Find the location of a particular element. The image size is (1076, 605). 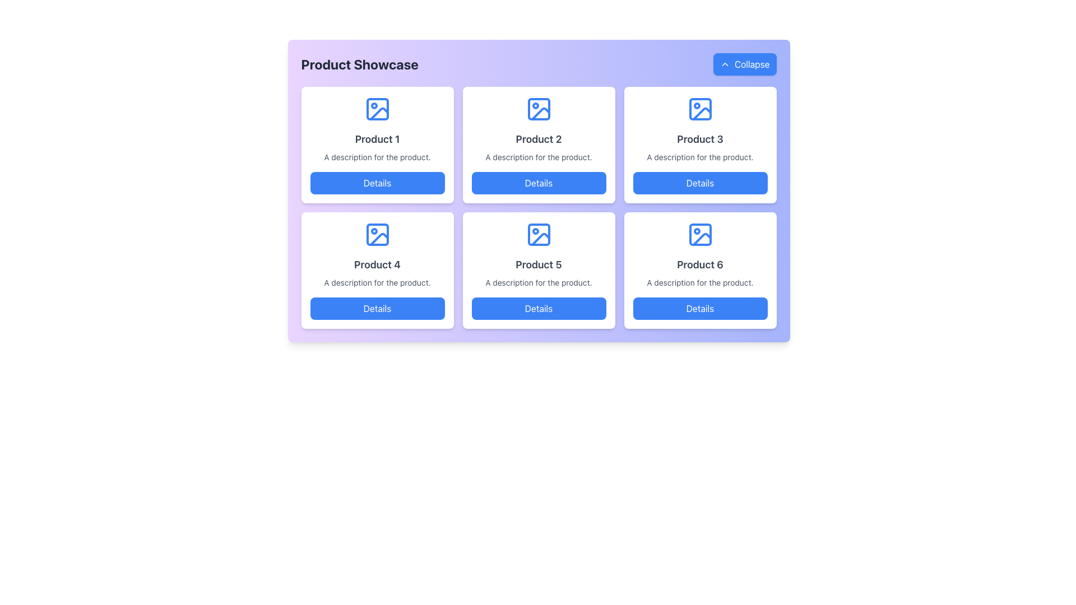

title displayed in the text label located in the first card of the grid layout, positioned centrally below the image icon is located at coordinates (377, 139).